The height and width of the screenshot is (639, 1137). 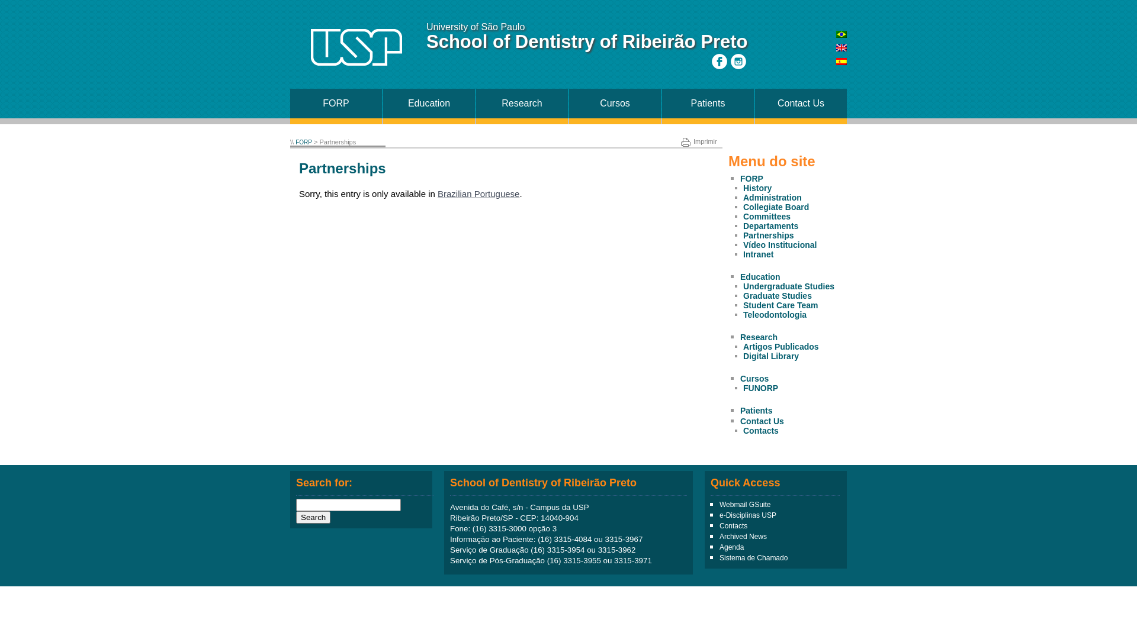 I want to click on 'Archived News', so click(x=742, y=536).